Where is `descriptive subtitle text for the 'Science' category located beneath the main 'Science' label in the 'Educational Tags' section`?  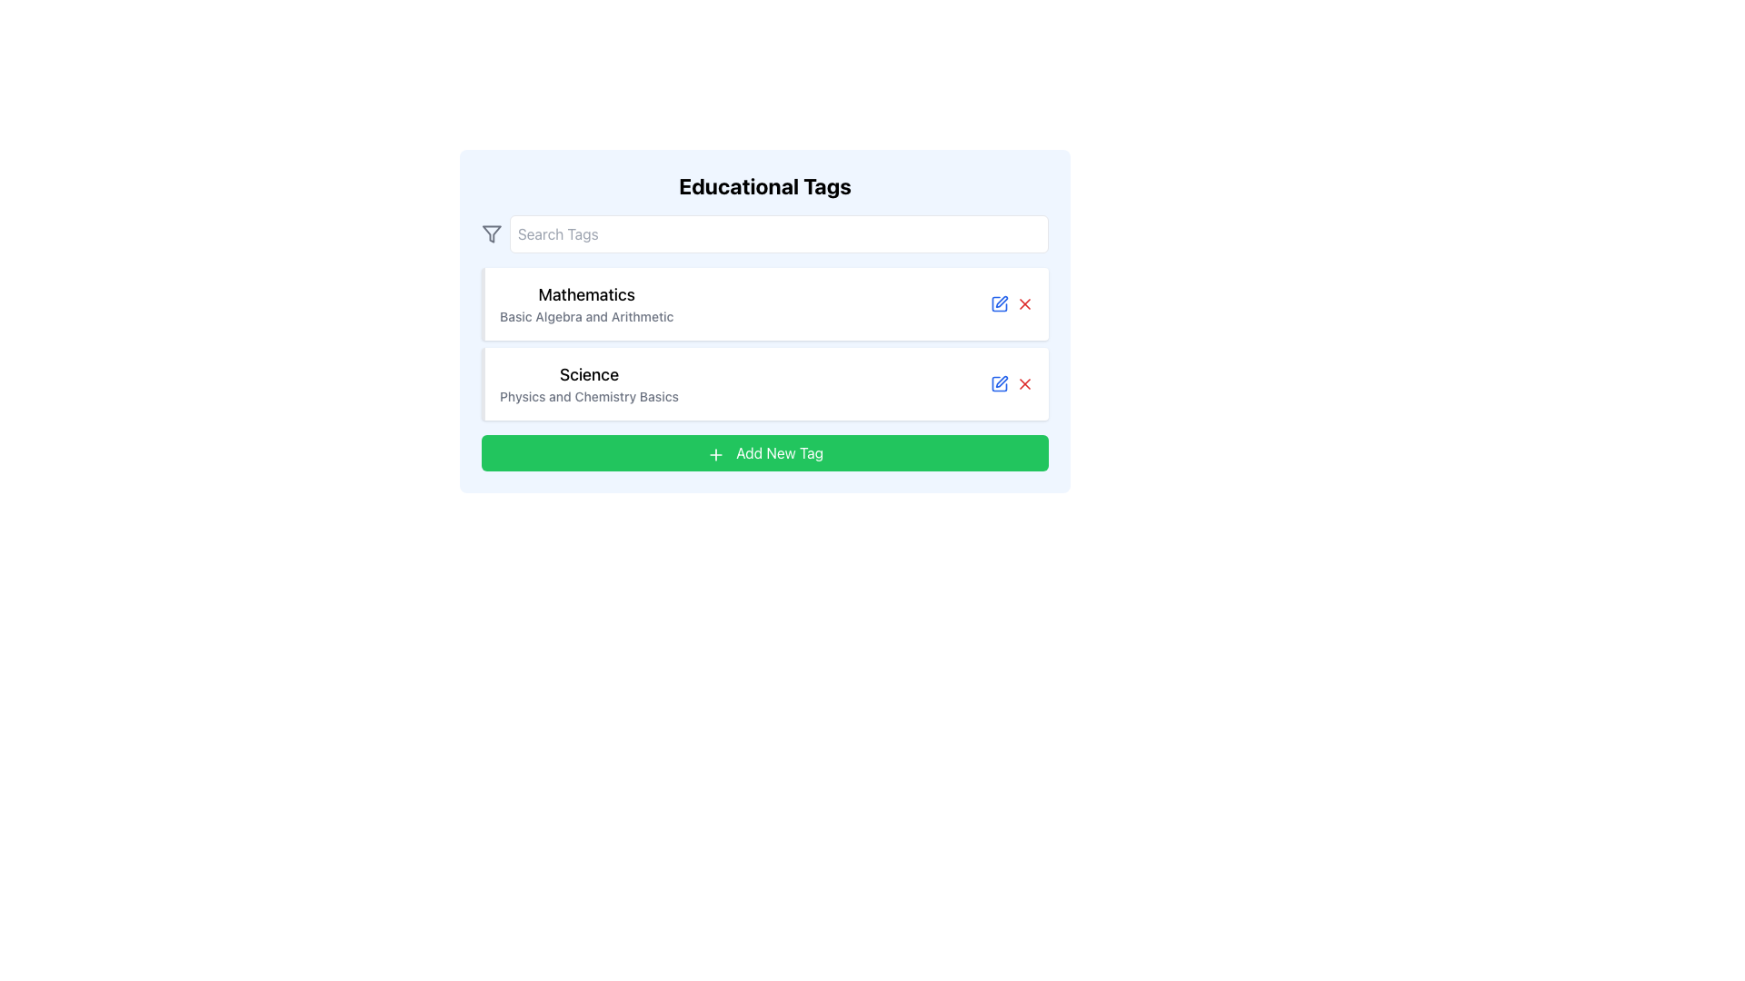
descriptive subtitle text for the 'Science' category located beneath the main 'Science' label in the 'Educational Tags' section is located at coordinates (589, 395).